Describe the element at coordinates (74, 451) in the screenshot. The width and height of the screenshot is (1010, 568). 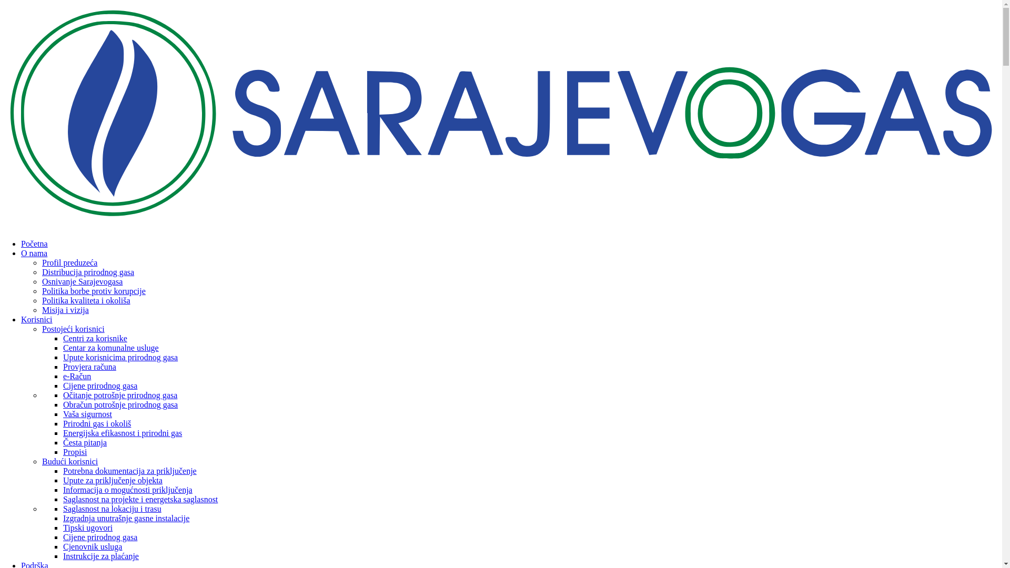
I see `'Propisi'` at that location.